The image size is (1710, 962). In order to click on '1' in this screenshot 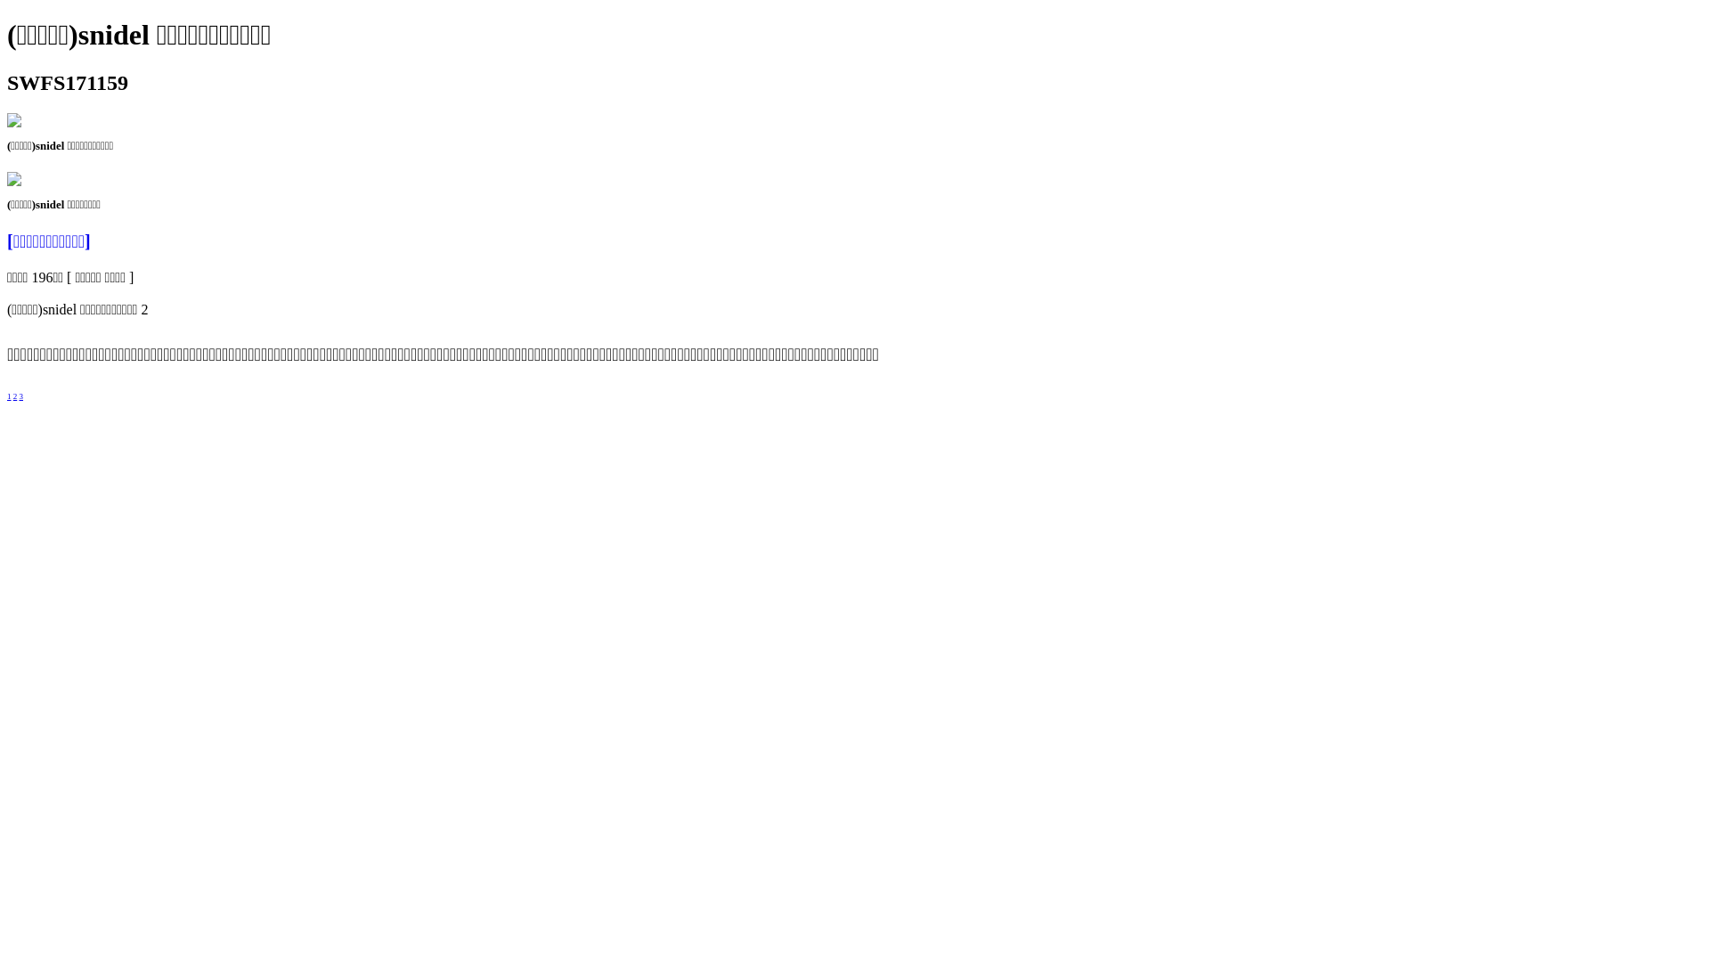, I will do `click(9, 395)`.